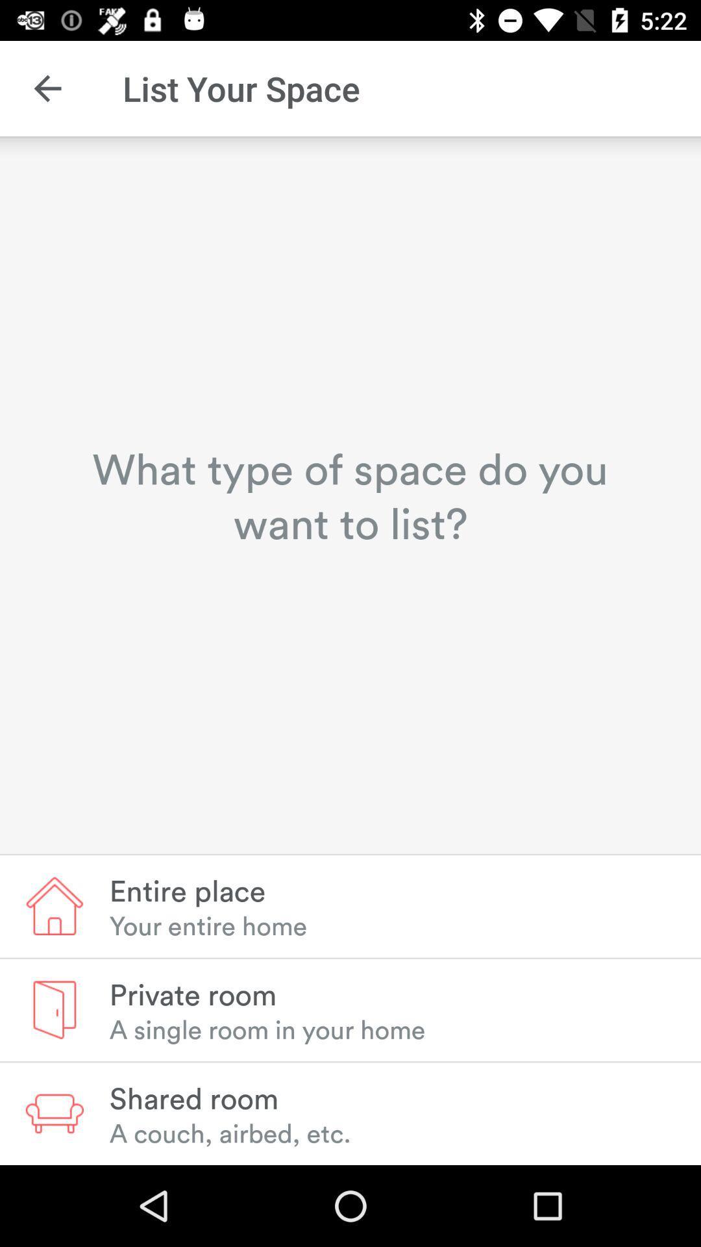 This screenshot has height=1247, width=701. What do you see at coordinates (47, 88) in the screenshot?
I see `the icon at the top left corner` at bounding box center [47, 88].